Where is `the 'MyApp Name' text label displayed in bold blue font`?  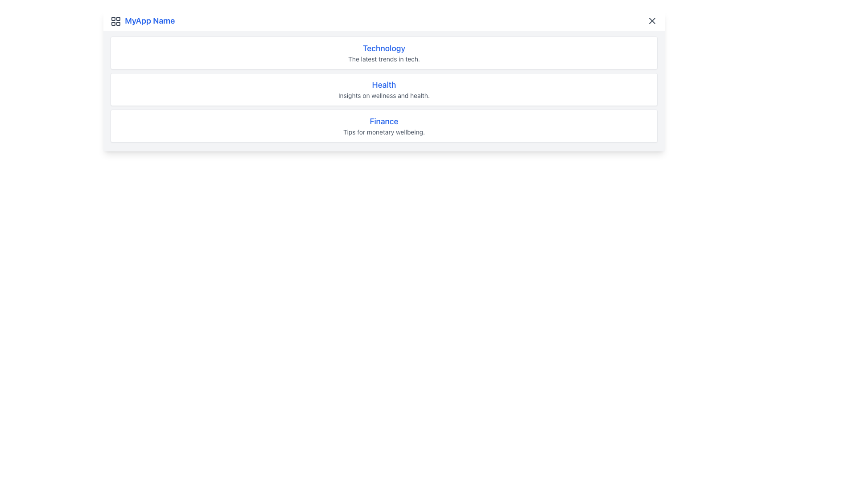 the 'MyApp Name' text label displayed in bold blue font is located at coordinates (143, 20).